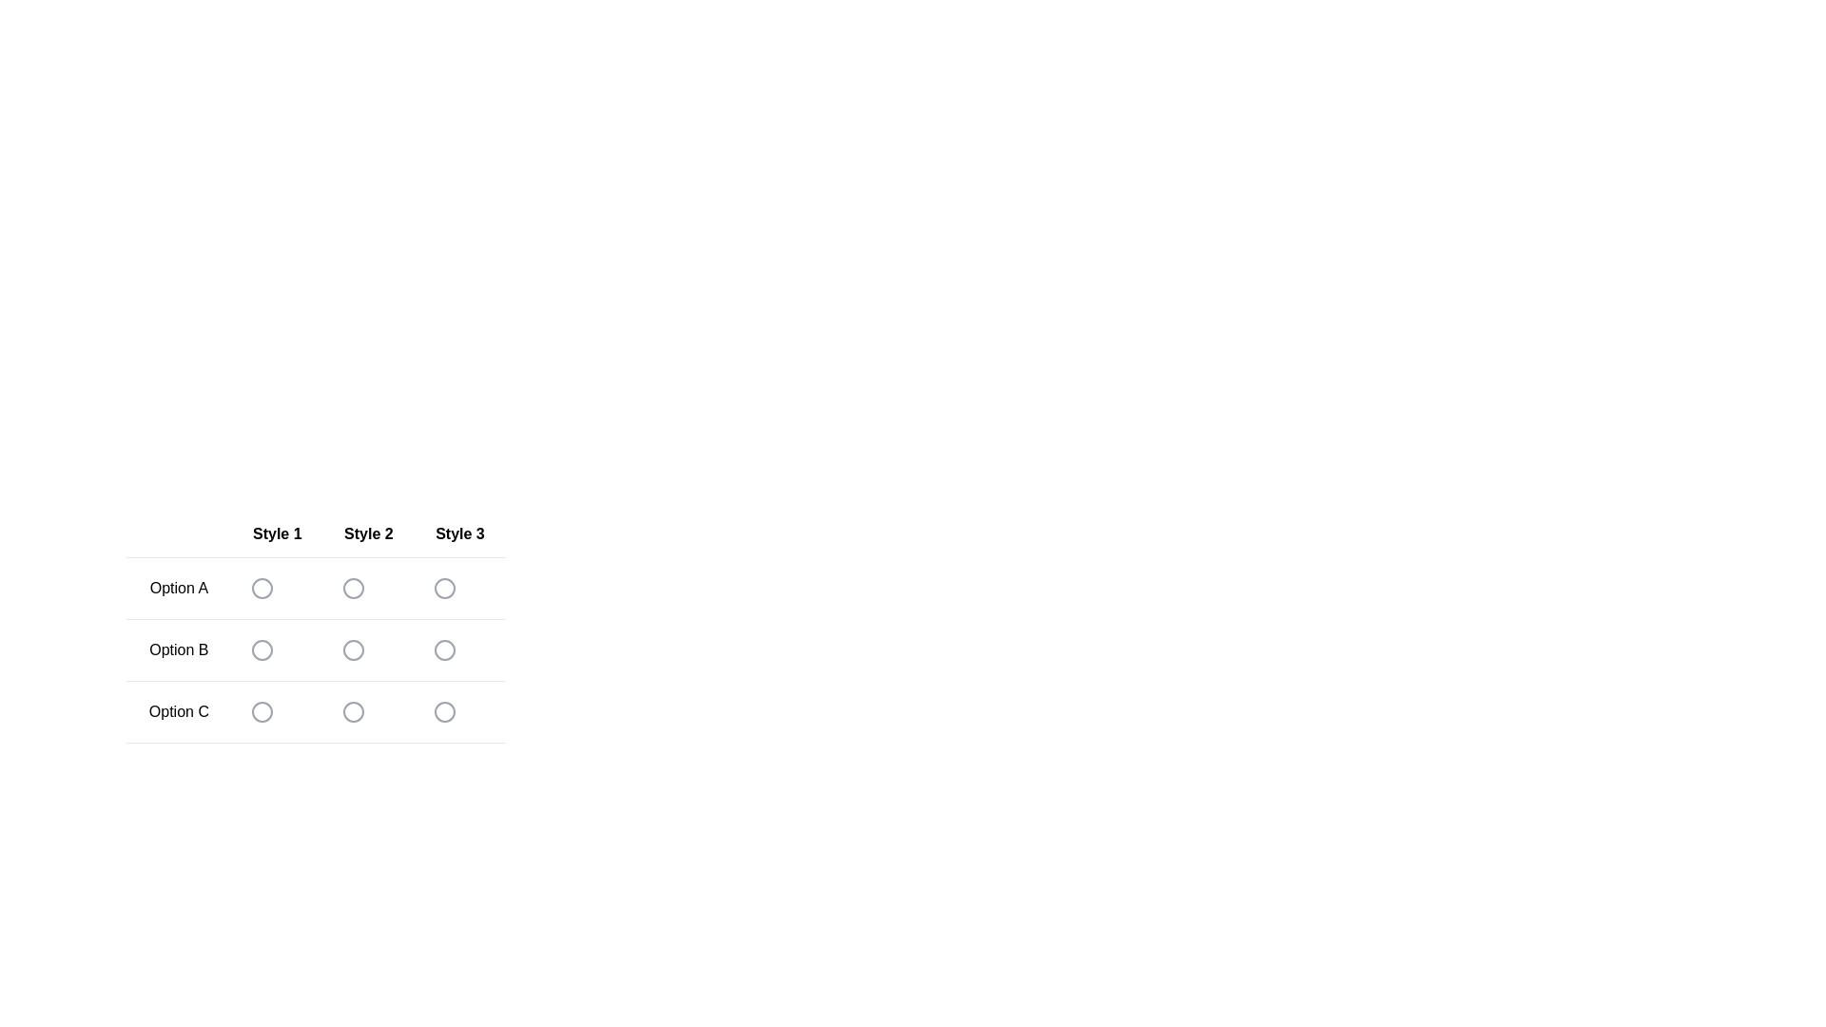 Image resolution: width=1826 pixels, height=1027 pixels. What do you see at coordinates (179, 649) in the screenshot?
I see `the Text Label in the second row of the grid that provides context for 'Option B' associated with 'Style 1'` at bounding box center [179, 649].